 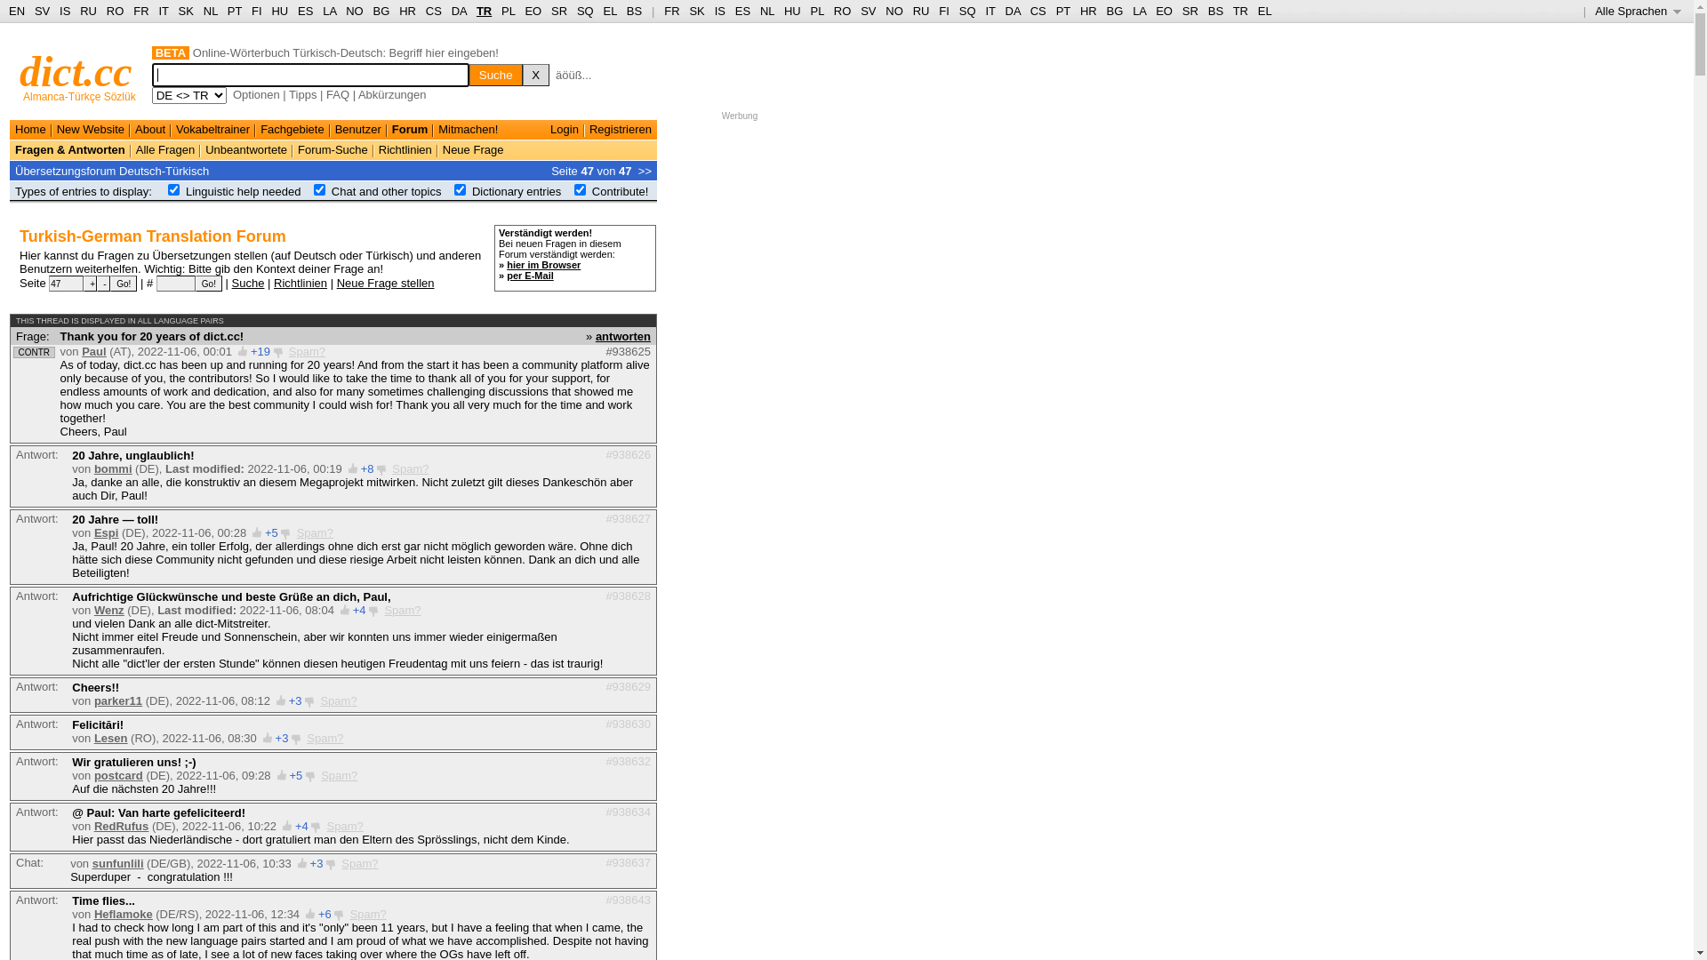 I want to click on 'Chat and other topics', so click(x=386, y=191).